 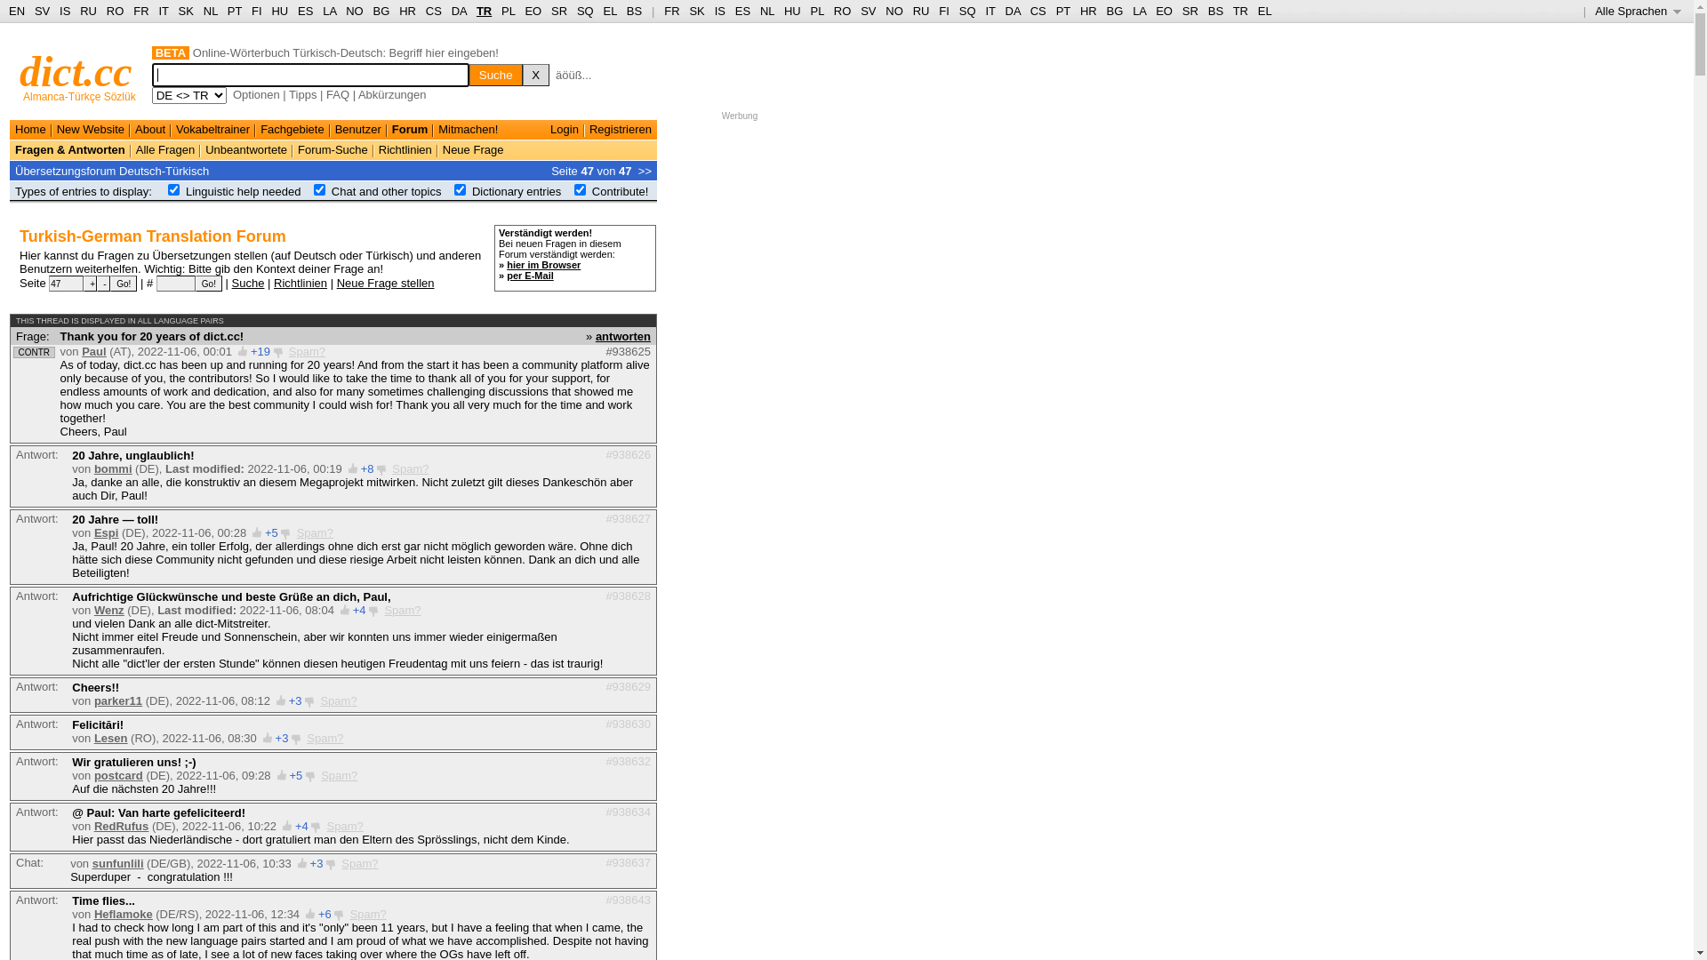 I want to click on 'Chat and other topics', so click(x=386, y=191).